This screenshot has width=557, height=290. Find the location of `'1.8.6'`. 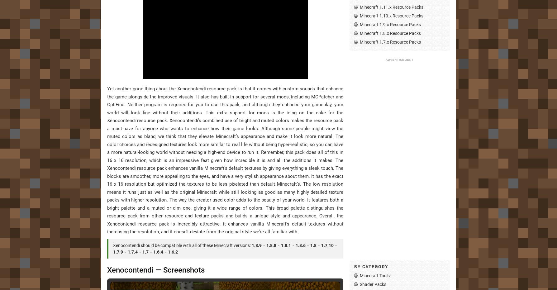

'1.8.6' is located at coordinates (300, 245).